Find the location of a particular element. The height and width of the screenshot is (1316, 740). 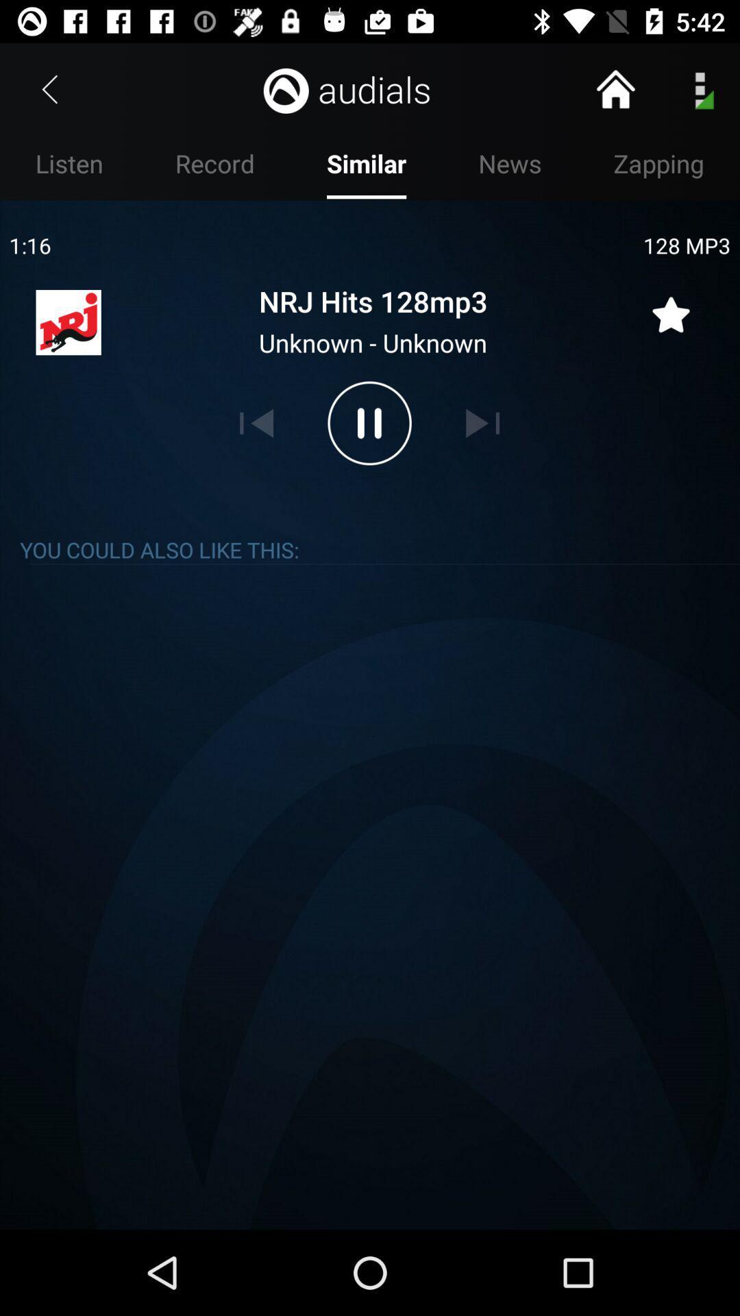

next song is located at coordinates (482, 422).